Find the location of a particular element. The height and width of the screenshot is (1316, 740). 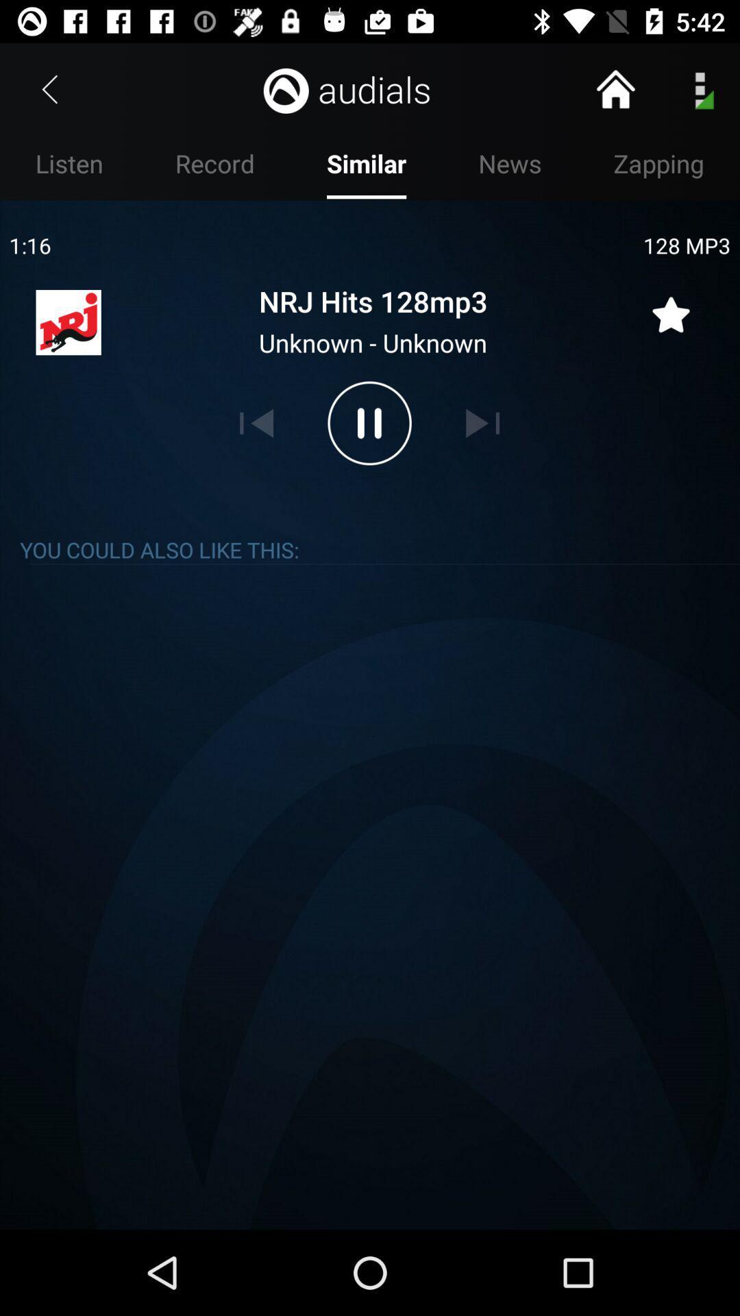

next song is located at coordinates (482, 422).